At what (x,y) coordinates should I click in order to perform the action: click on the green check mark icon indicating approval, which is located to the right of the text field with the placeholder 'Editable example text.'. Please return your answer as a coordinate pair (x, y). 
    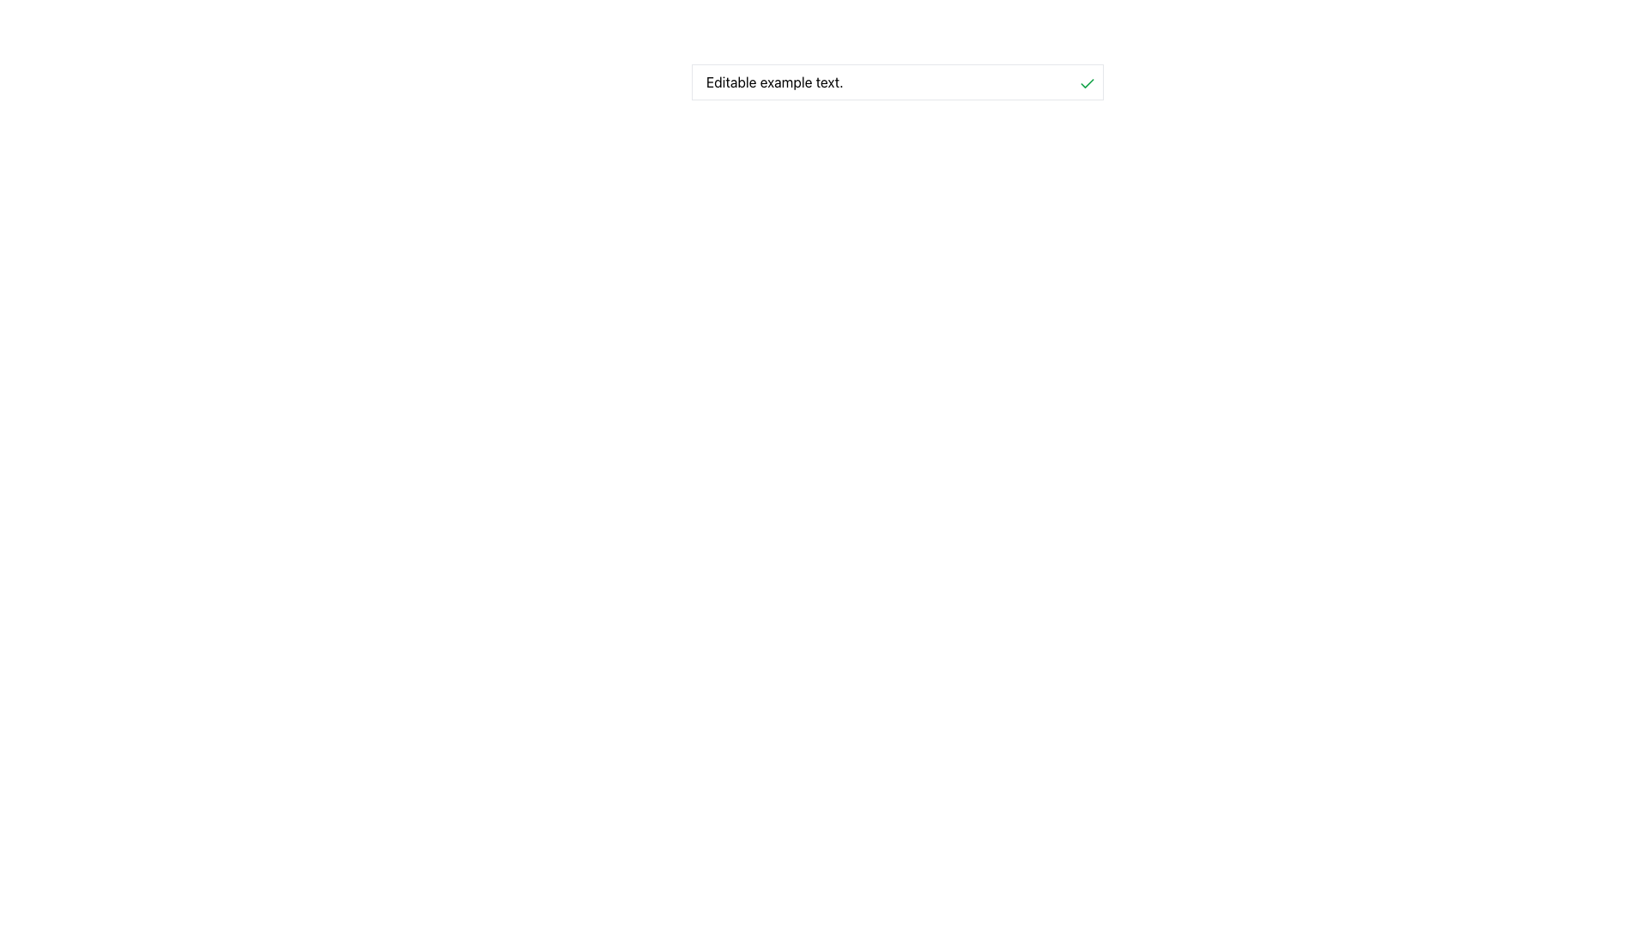
    Looking at the image, I should click on (1087, 82).